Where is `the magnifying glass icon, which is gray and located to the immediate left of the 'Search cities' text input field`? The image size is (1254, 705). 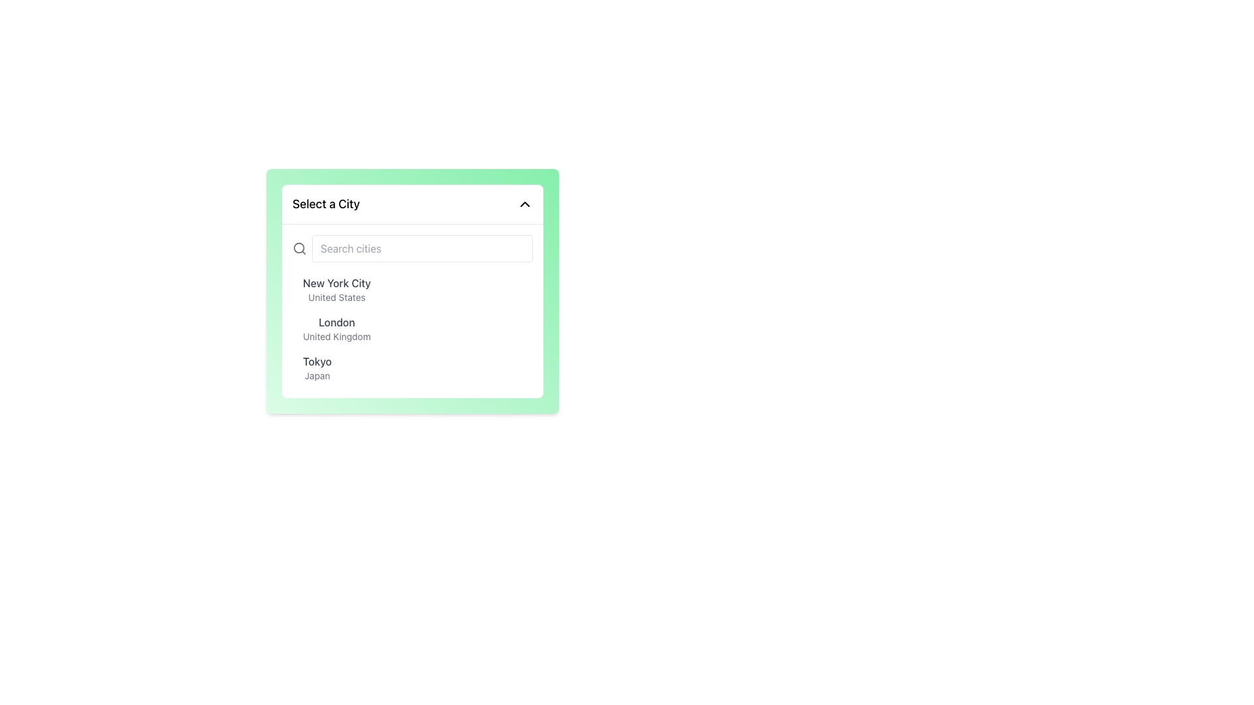 the magnifying glass icon, which is gray and located to the immediate left of the 'Search cities' text input field is located at coordinates (298, 249).